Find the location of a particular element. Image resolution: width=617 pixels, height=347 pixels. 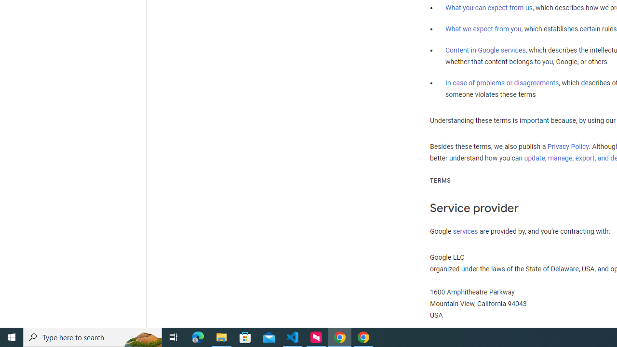

'What you can expect from us' is located at coordinates (489, 8).